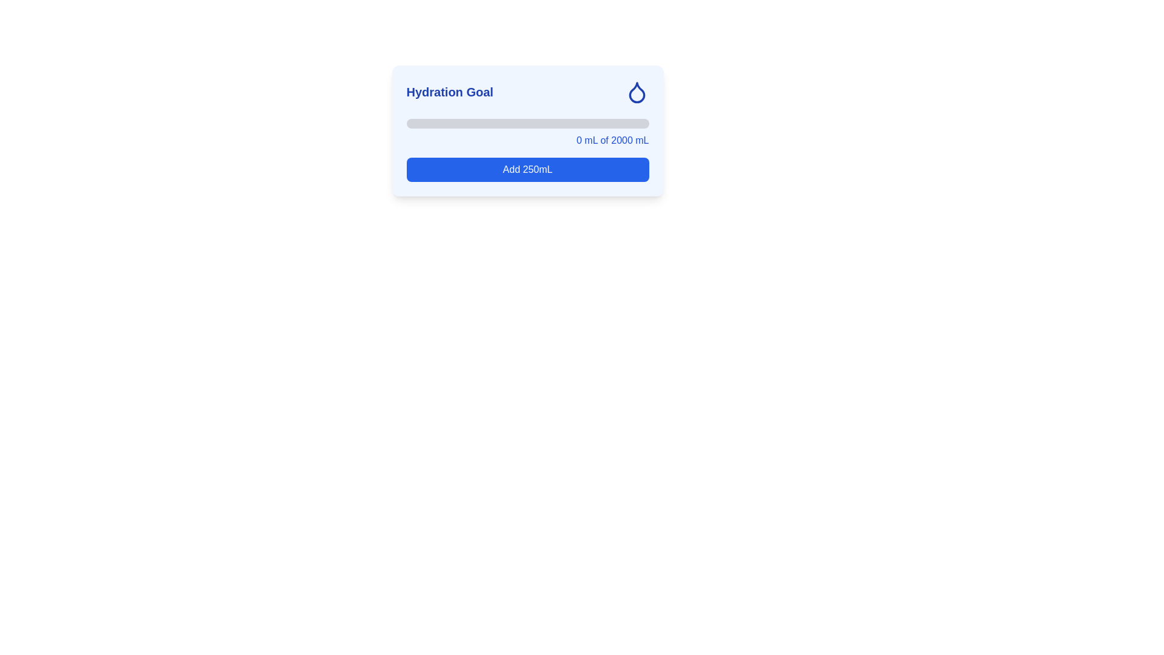  Describe the element at coordinates (636, 92) in the screenshot. I see `the blue water droplet icon within the white square frame, located at the top-right corner of the 'Hydration Goal' card` at that location.